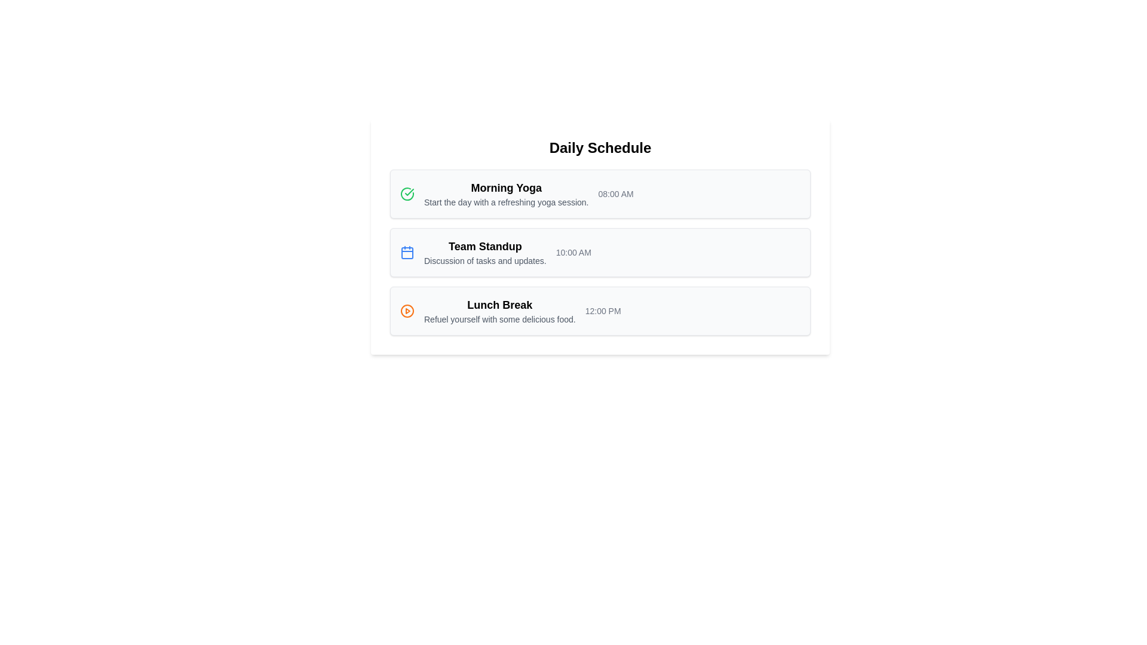 The height and width of the screenshot is (645, 1147). Describe the element at coordinates (407, 310) in the screenshot. I see `the circular orange play icon located at the leftmost side of the 'Lunch Break' row` at that location.